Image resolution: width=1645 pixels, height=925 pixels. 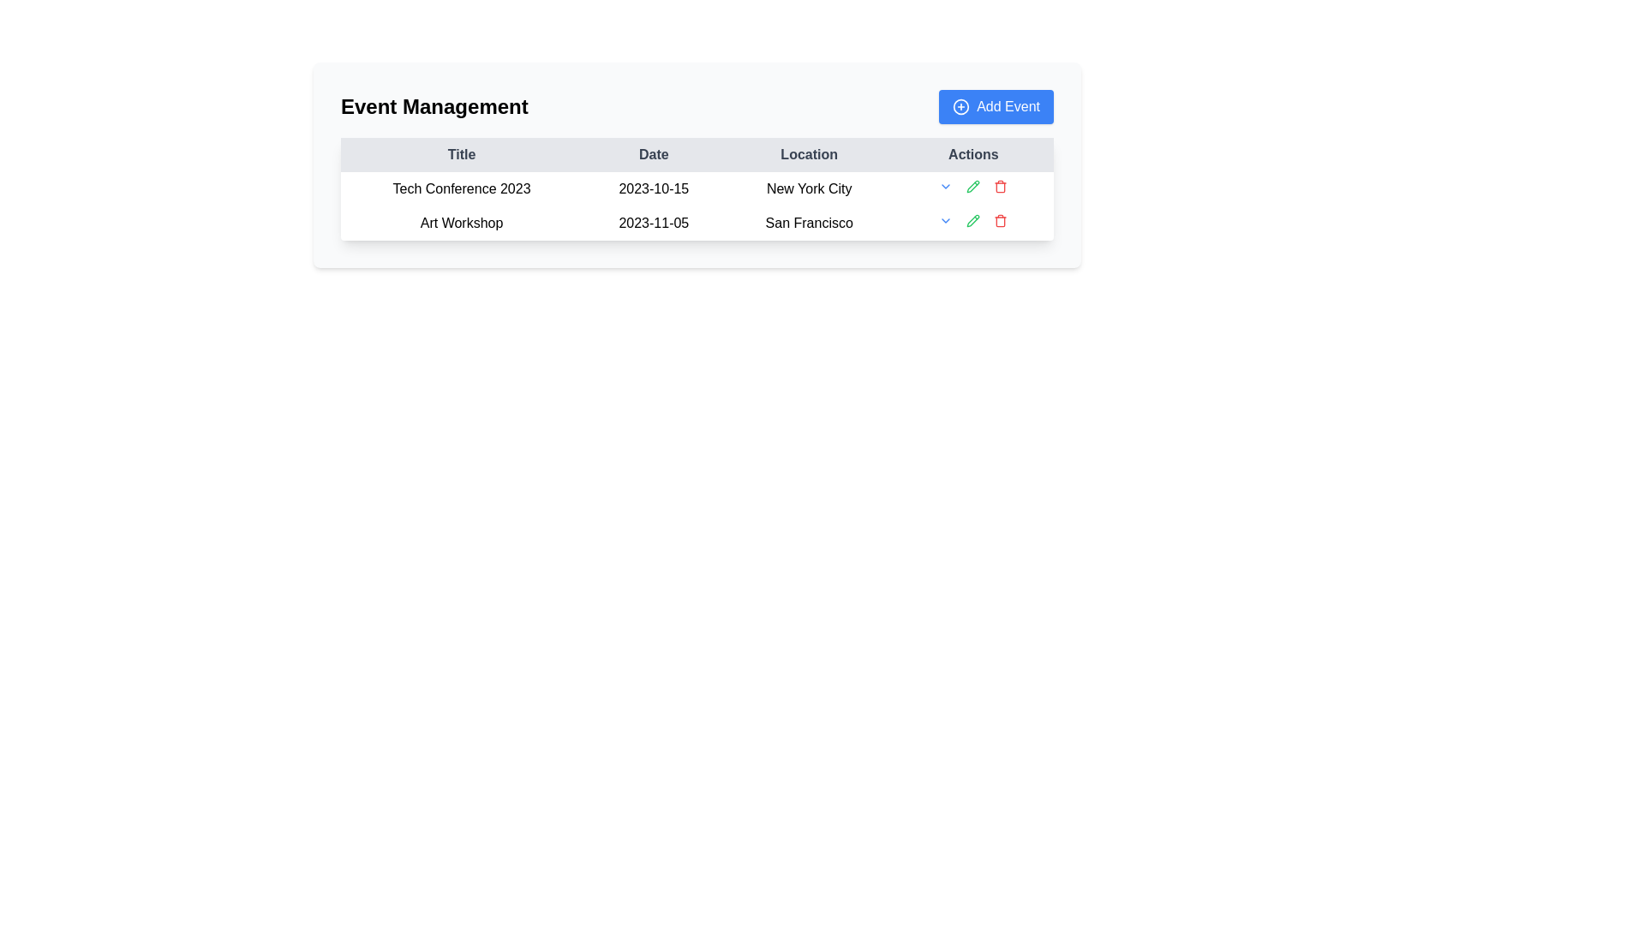 I want to click on the 'Location' header cell in the table, so click(x=808, y=155).